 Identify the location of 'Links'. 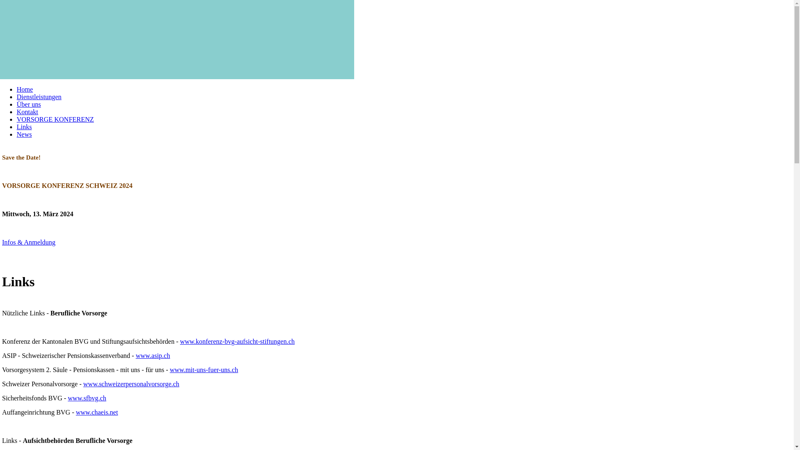
(24, 127).